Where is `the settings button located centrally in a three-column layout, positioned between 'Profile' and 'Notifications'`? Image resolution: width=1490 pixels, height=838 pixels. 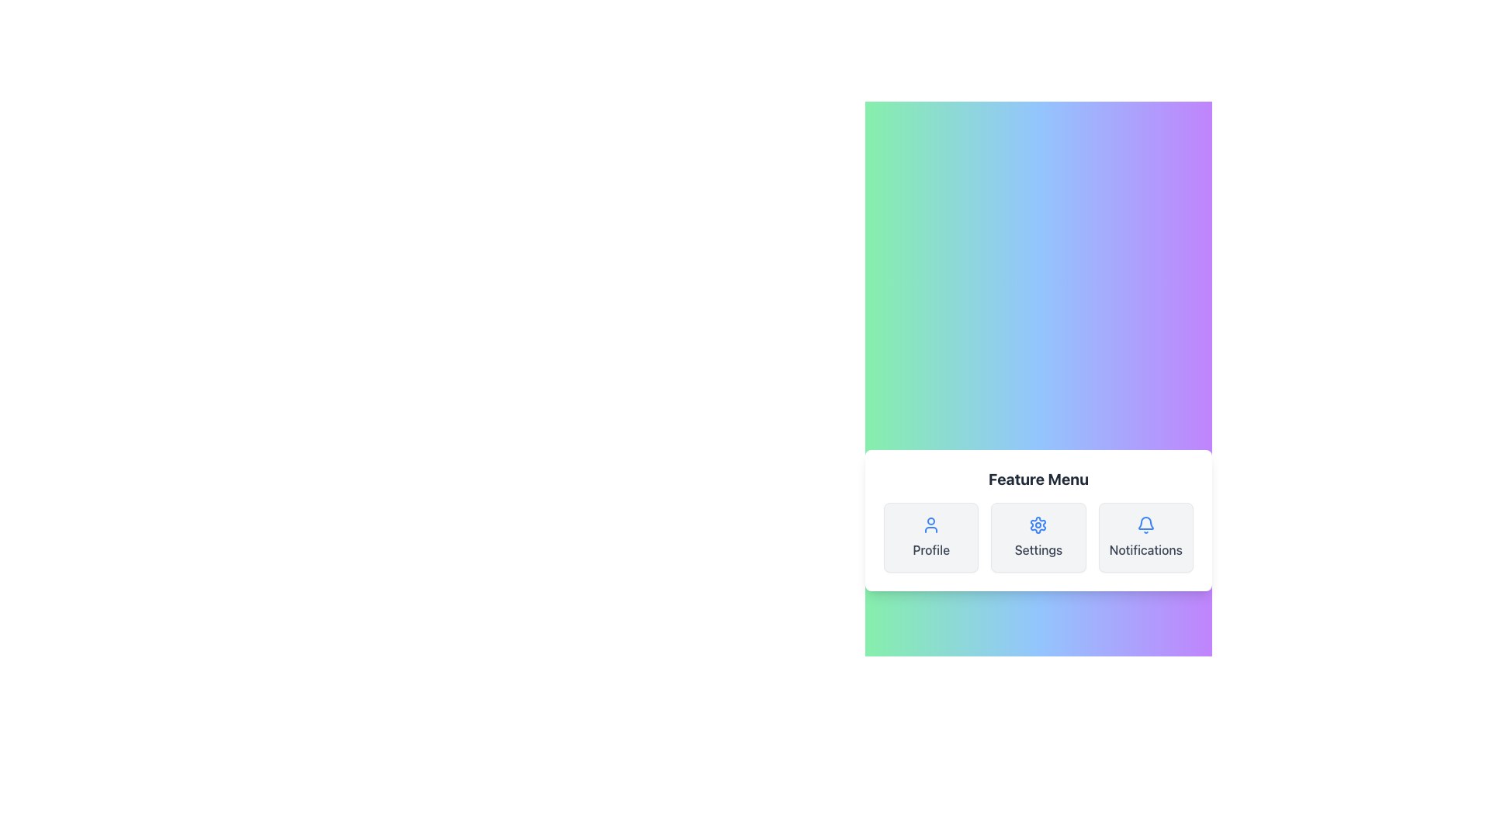 the settings button located centrally in a three-column layout, positioned between 'Profile' and 'Notifications' is located at coordinates (1038, 537).